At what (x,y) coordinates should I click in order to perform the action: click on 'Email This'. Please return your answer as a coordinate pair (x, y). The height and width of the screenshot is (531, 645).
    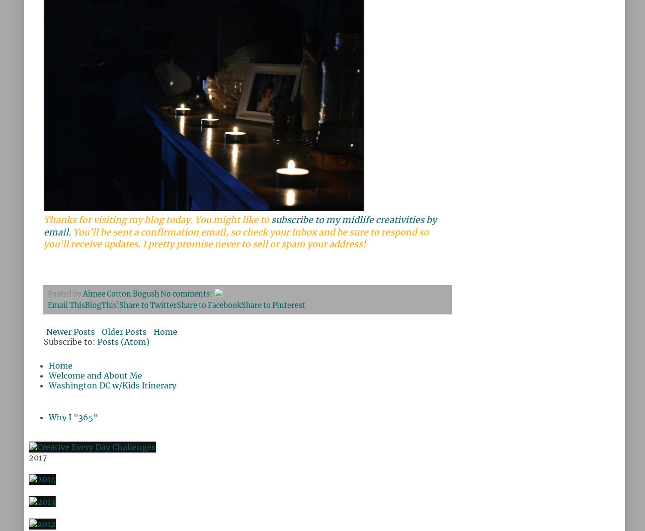
    Looking at the image, I should click on (66, 305).